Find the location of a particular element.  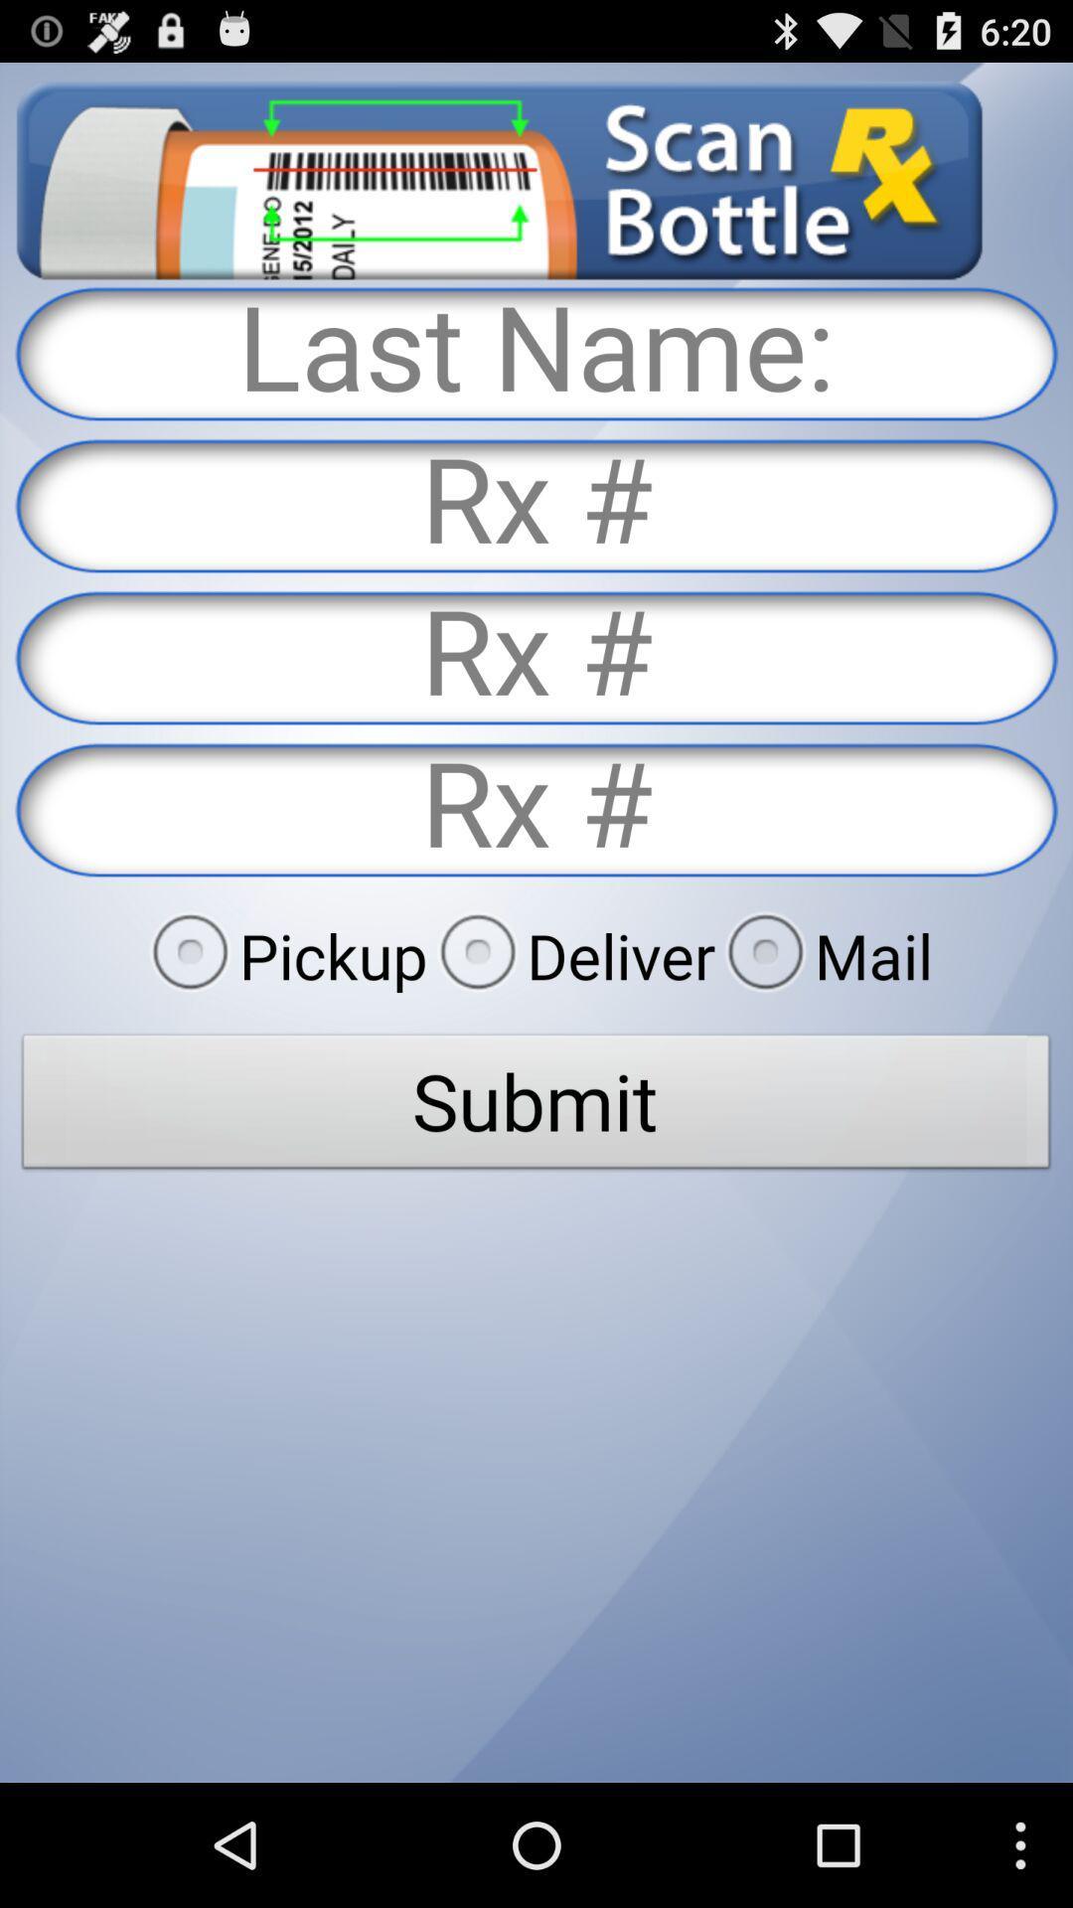

mail on the right is located at coordinates (824, 955).